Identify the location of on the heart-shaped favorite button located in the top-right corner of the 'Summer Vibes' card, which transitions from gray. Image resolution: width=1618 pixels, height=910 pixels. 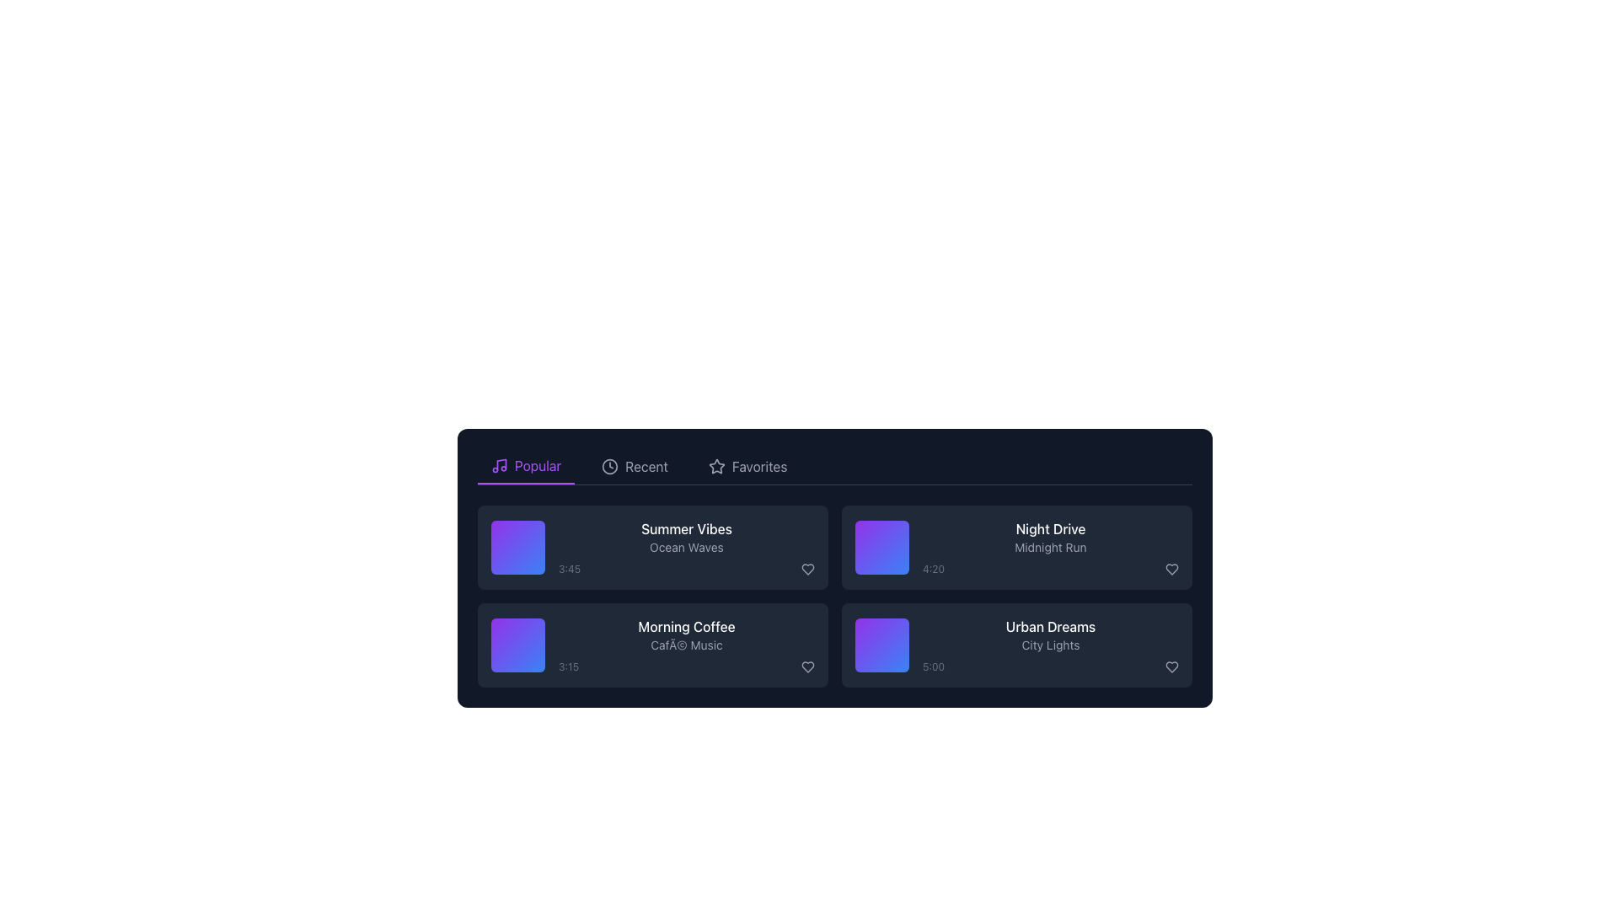
(807, 569).